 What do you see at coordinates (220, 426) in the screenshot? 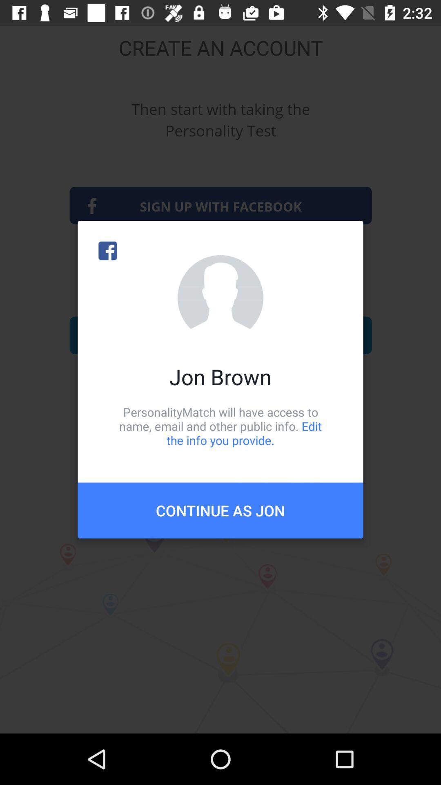
I see `item below the jon brown item` at bounding box center [220, 426].